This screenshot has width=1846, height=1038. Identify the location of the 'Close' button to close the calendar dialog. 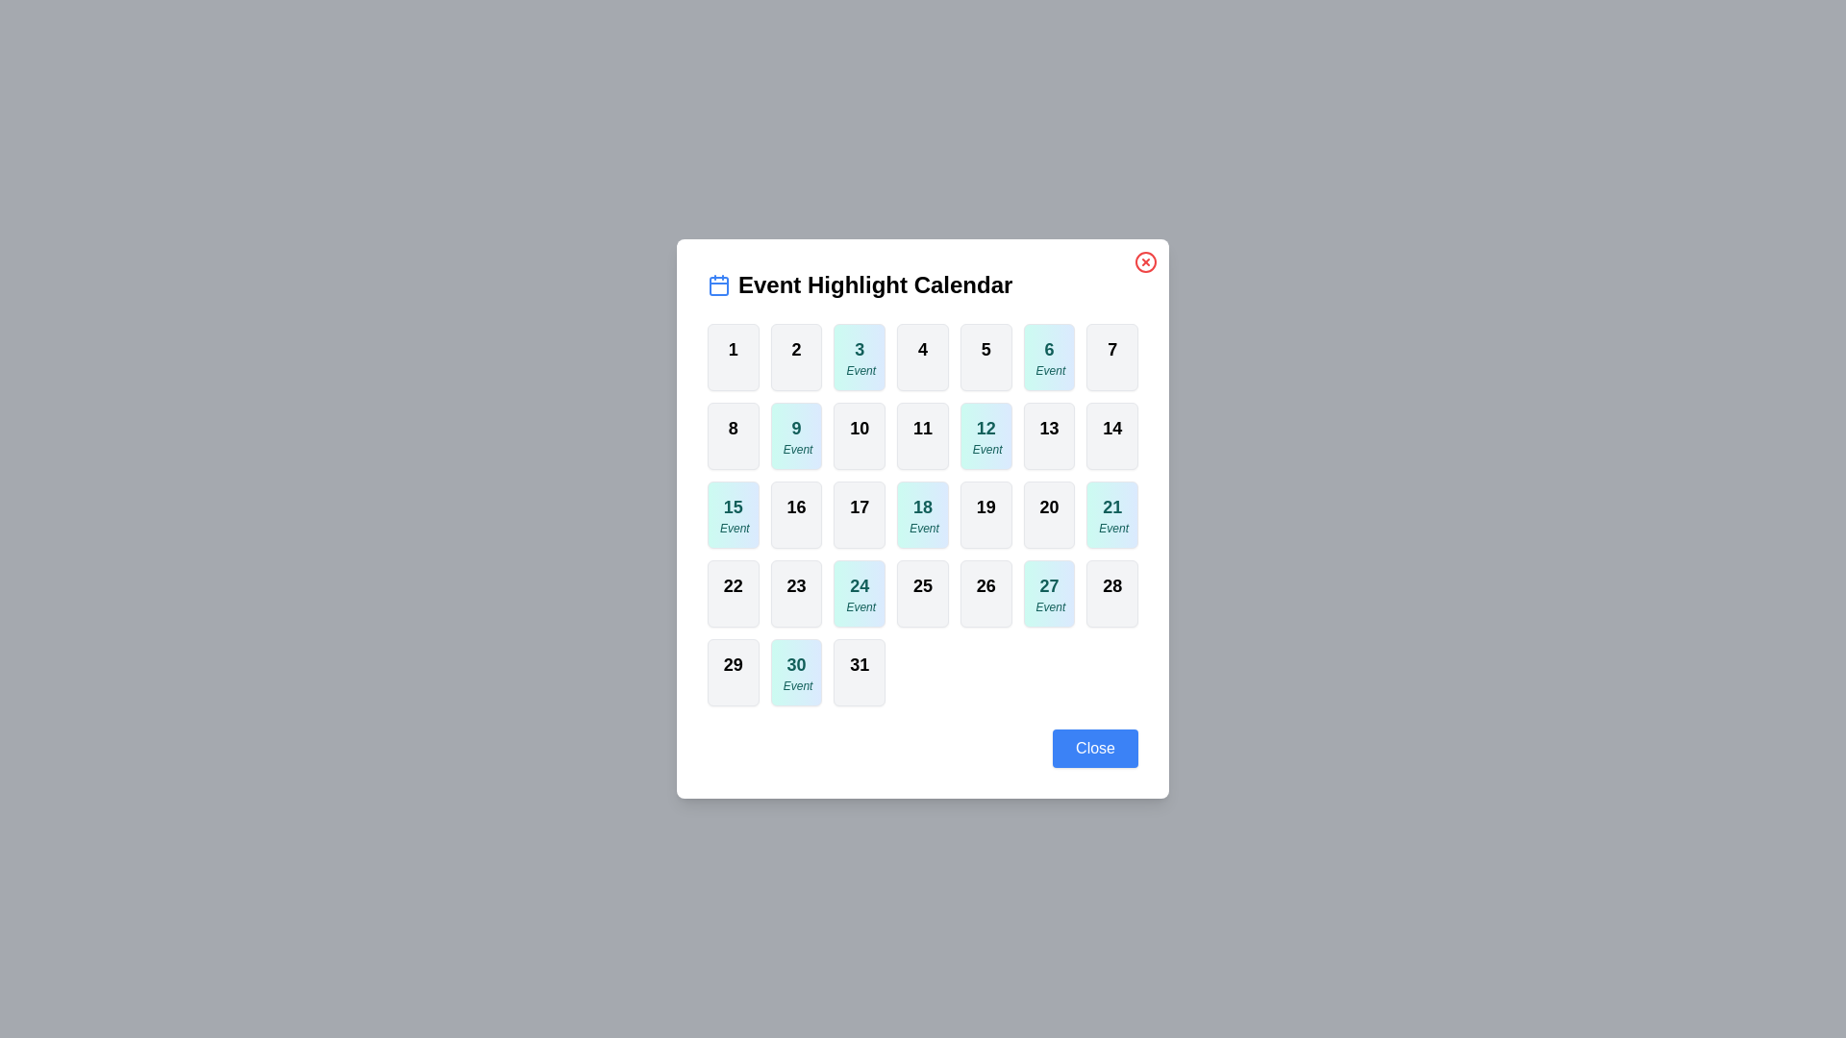
(1095, 748).